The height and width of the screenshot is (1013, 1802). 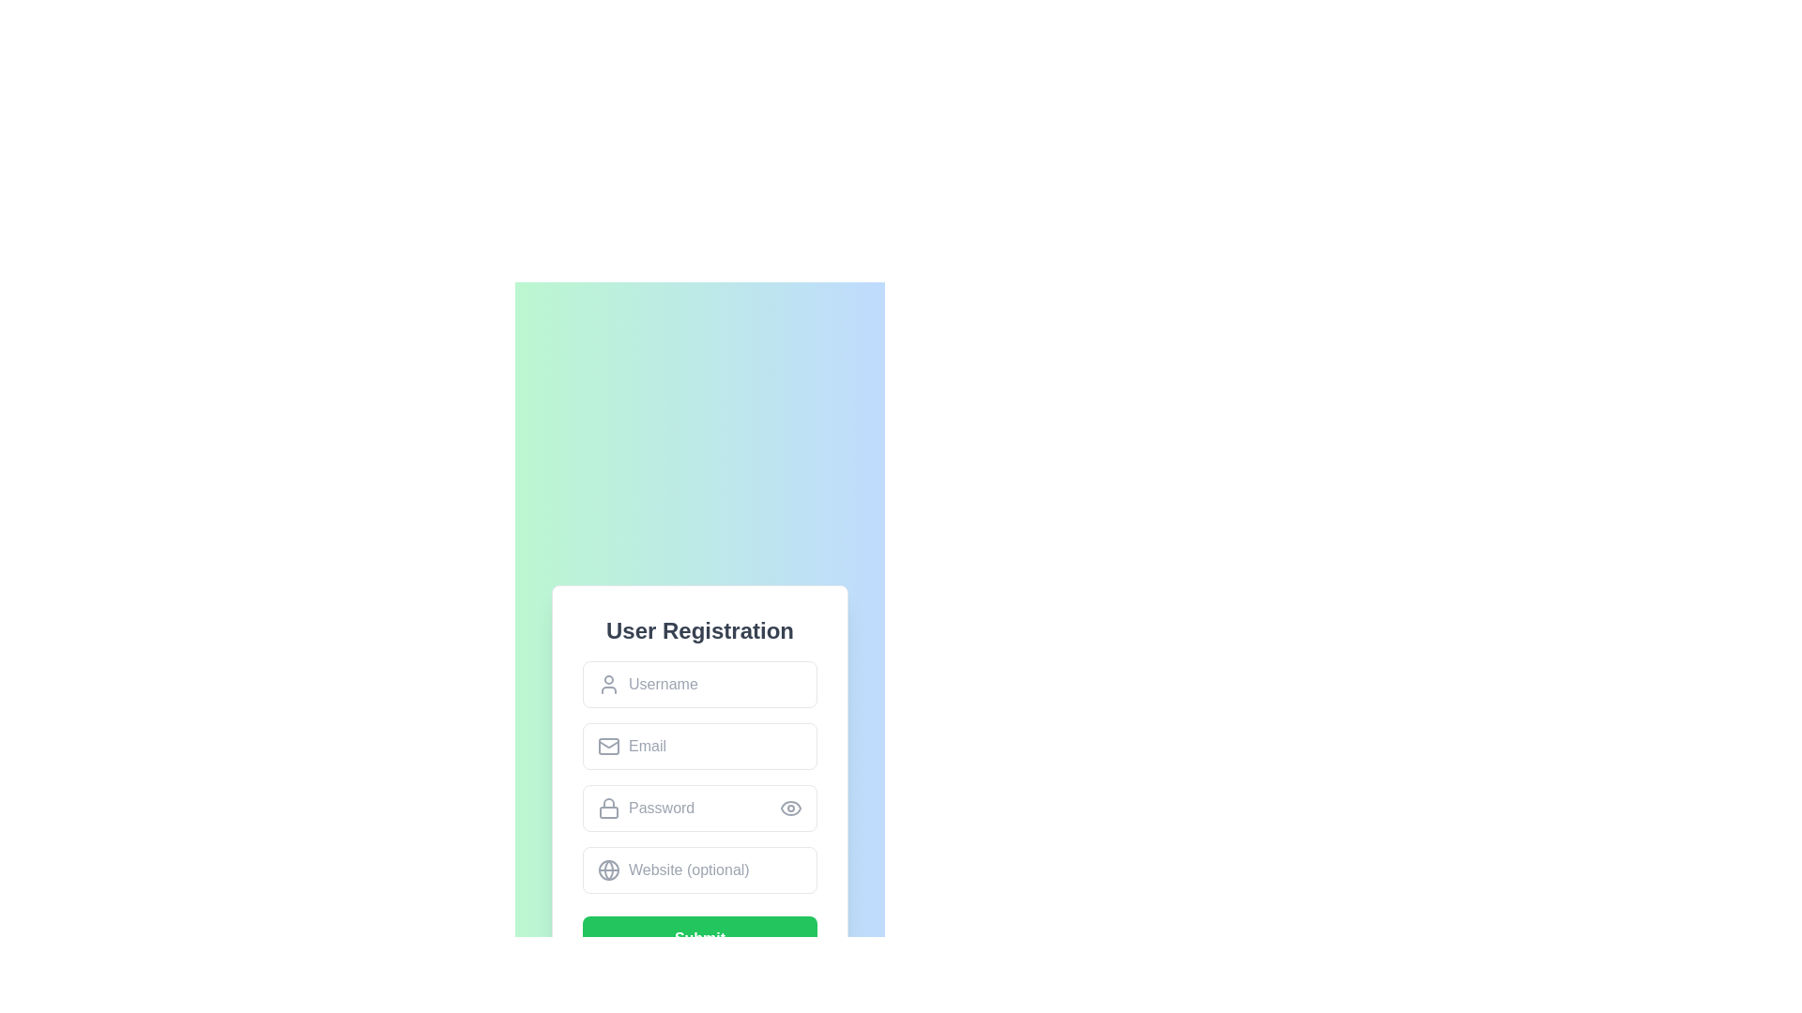 I want to click on the Password Input Field in the User Registration form, which is the third input field beneath the Email field and above the optional Website field, so click(x=698, y=807).